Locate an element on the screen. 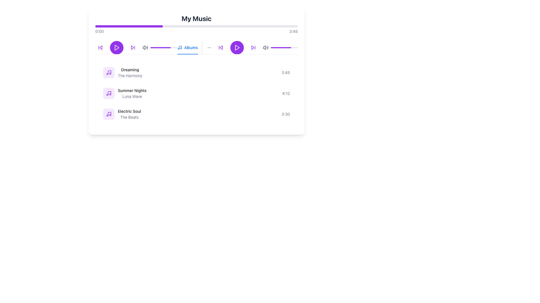 The width and height of the screenshot is (540, 303). the circular button with a purple border and white background that contains a purple forward arrow icon is located at coordinates (253, 47).